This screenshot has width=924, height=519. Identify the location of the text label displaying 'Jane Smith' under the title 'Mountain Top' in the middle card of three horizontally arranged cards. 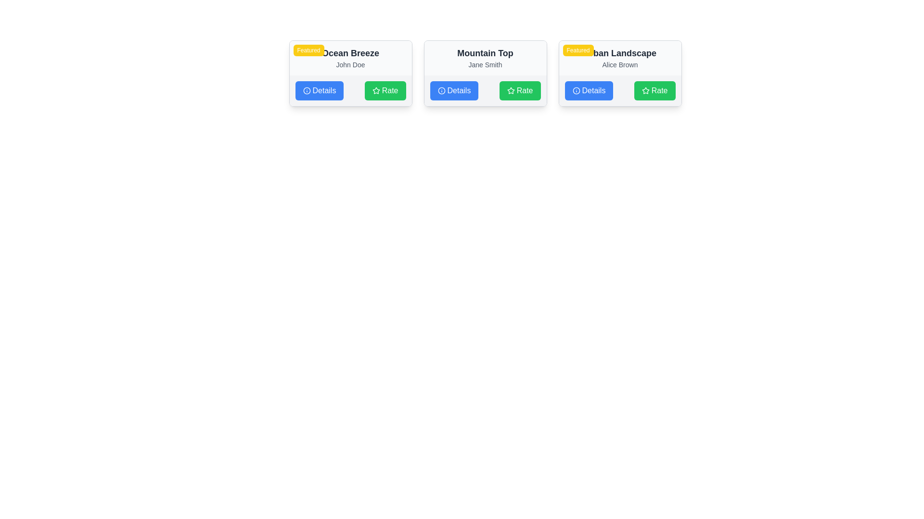
(485, 65).